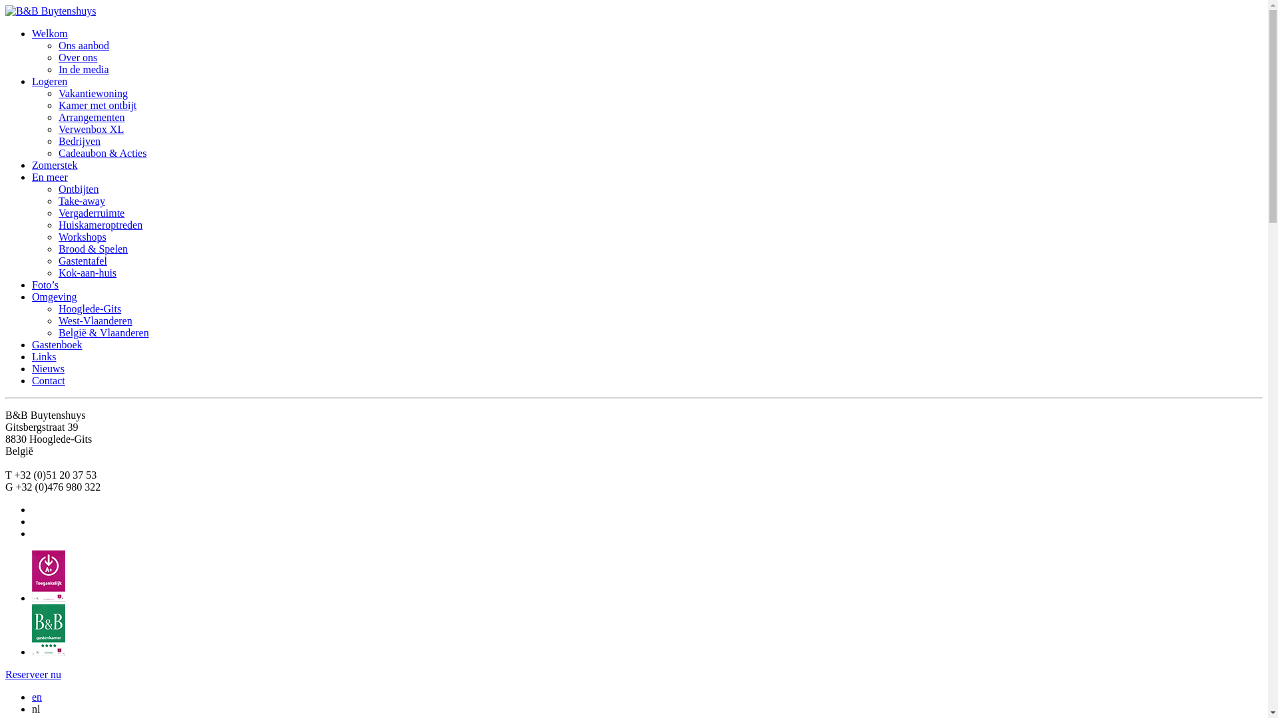  Describe the element at coordinates (57, 152) in the screenshot. I see `'Cadeaubon & Acties'` at that location.